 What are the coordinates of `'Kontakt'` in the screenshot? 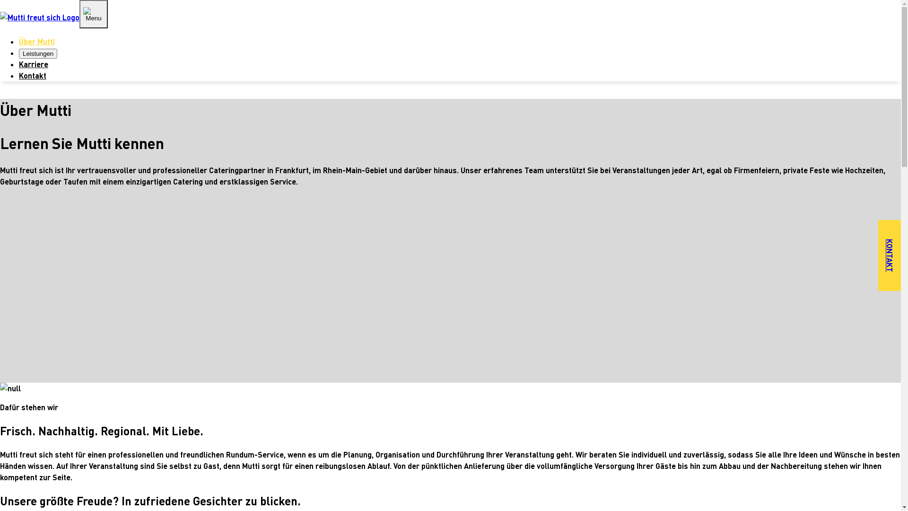 It's located at (32, 75).